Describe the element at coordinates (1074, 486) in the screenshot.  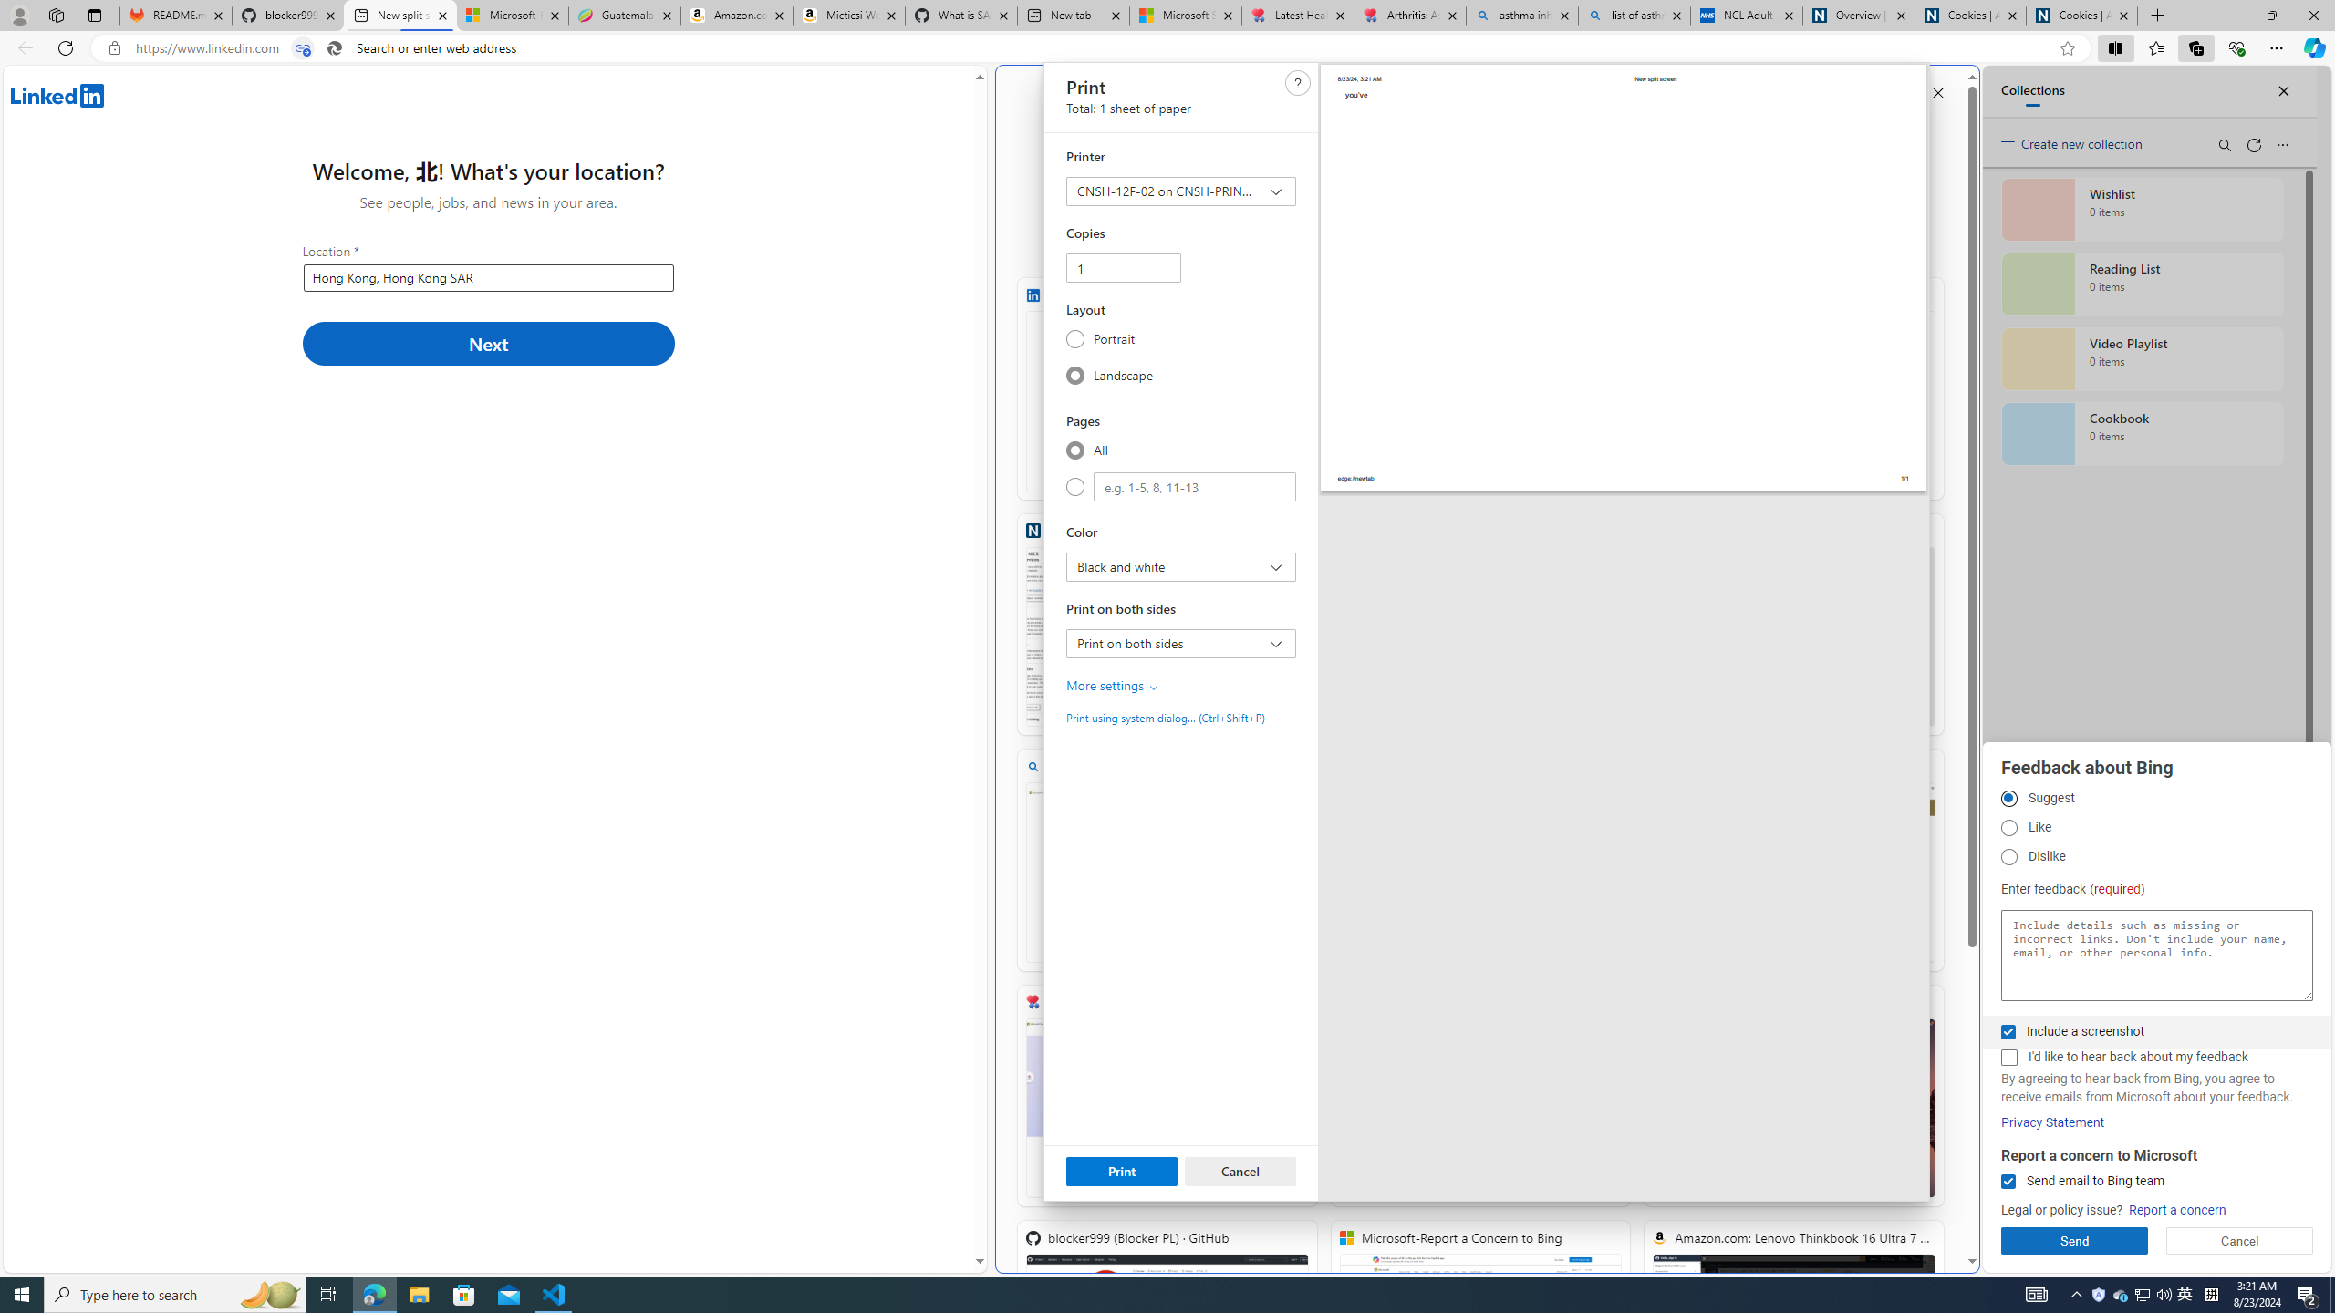
I see `'Custom'` at that location.